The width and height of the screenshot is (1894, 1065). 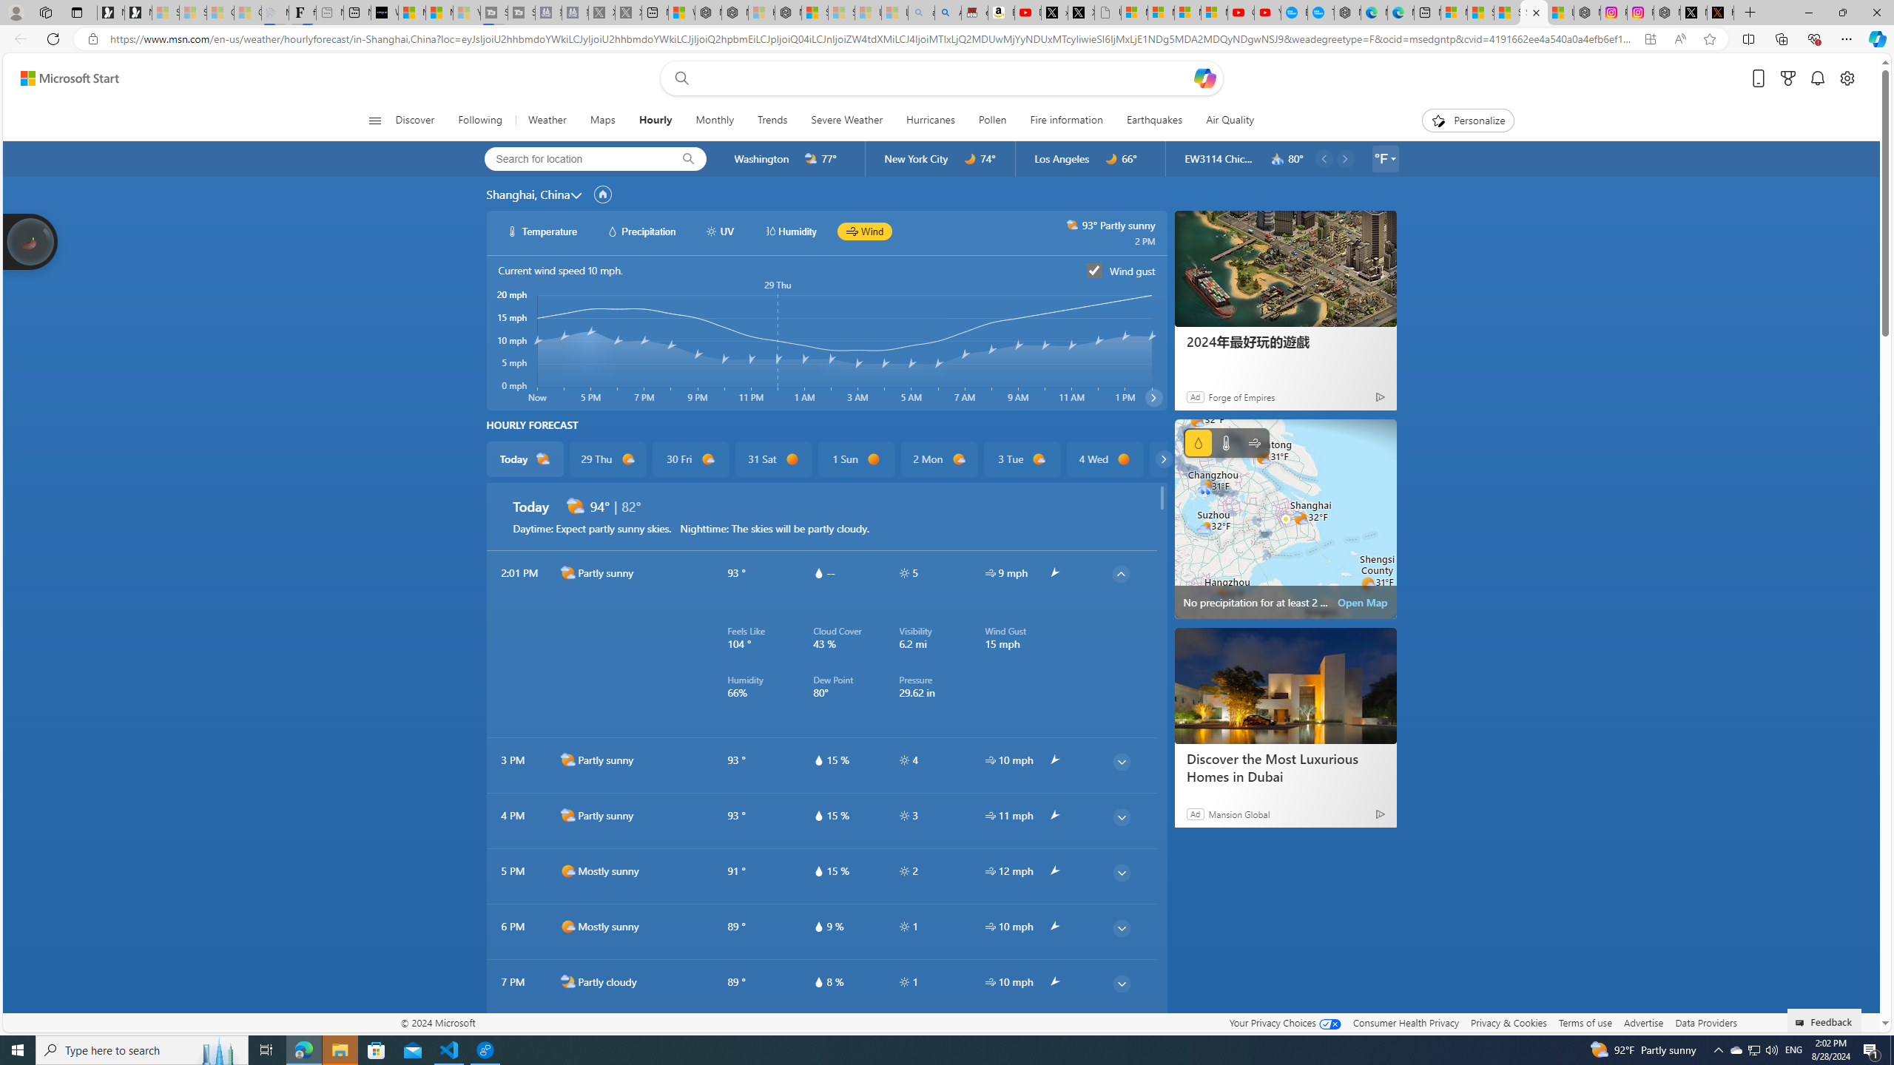 What do you see at coordinates (1067, 120) in the screenshot?
I see `'Fire information'` at bounding box center [1067, 120].